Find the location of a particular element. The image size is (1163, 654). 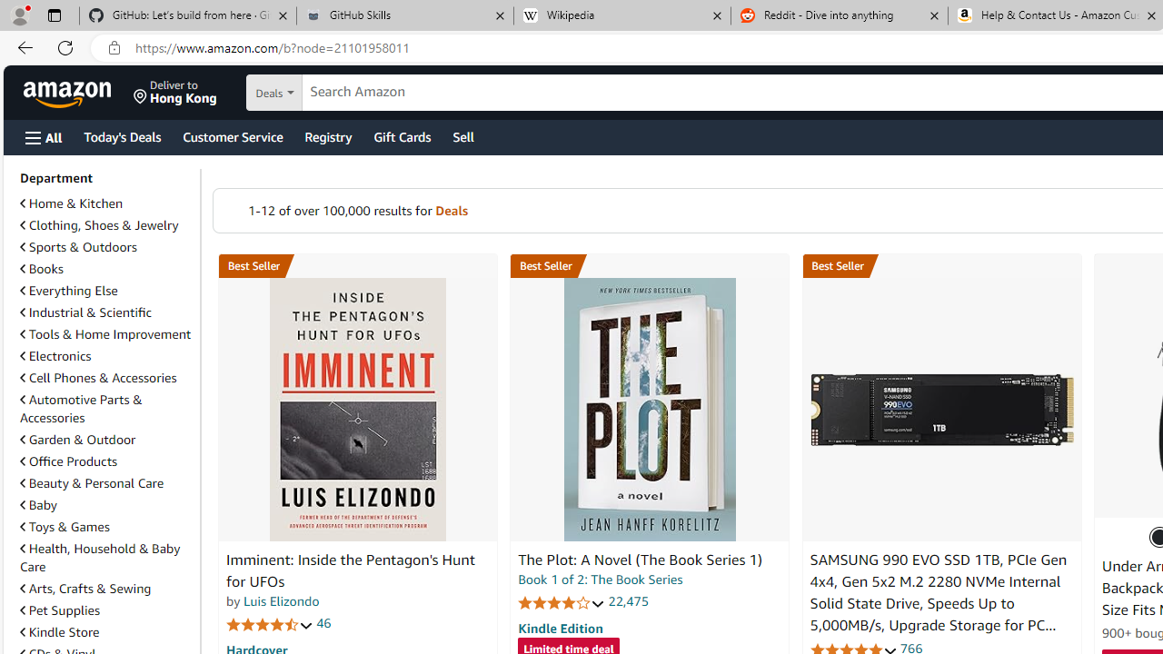

'46' is located at coordinates (323, 622).